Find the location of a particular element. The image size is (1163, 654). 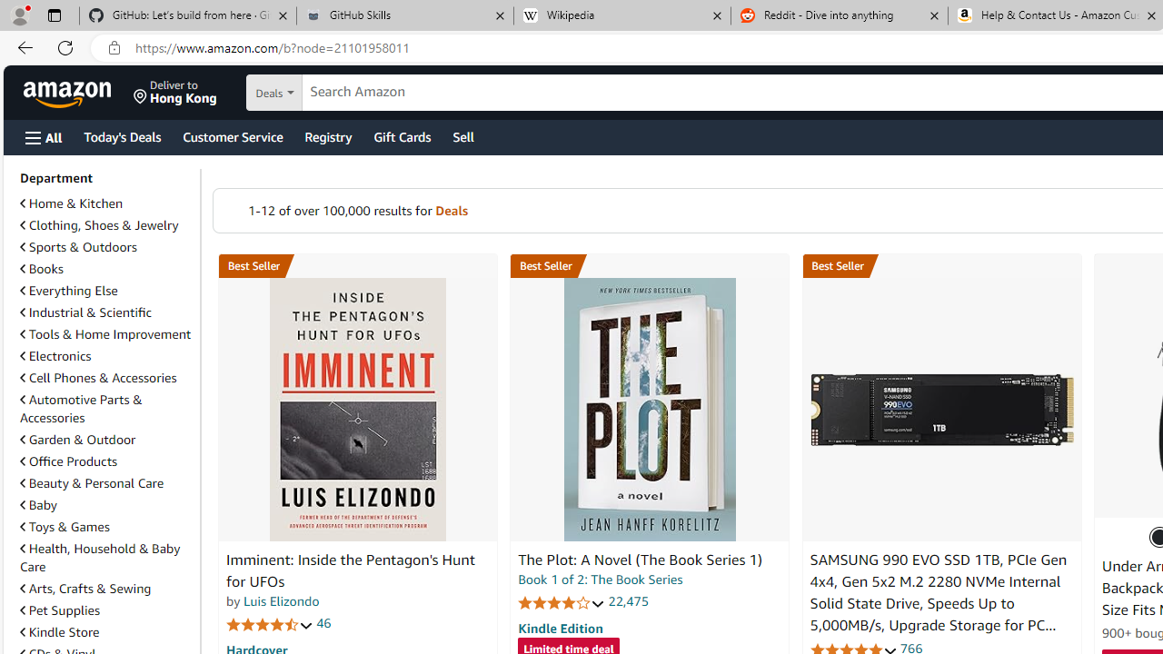

'46' is located at coordinates (323, 622).